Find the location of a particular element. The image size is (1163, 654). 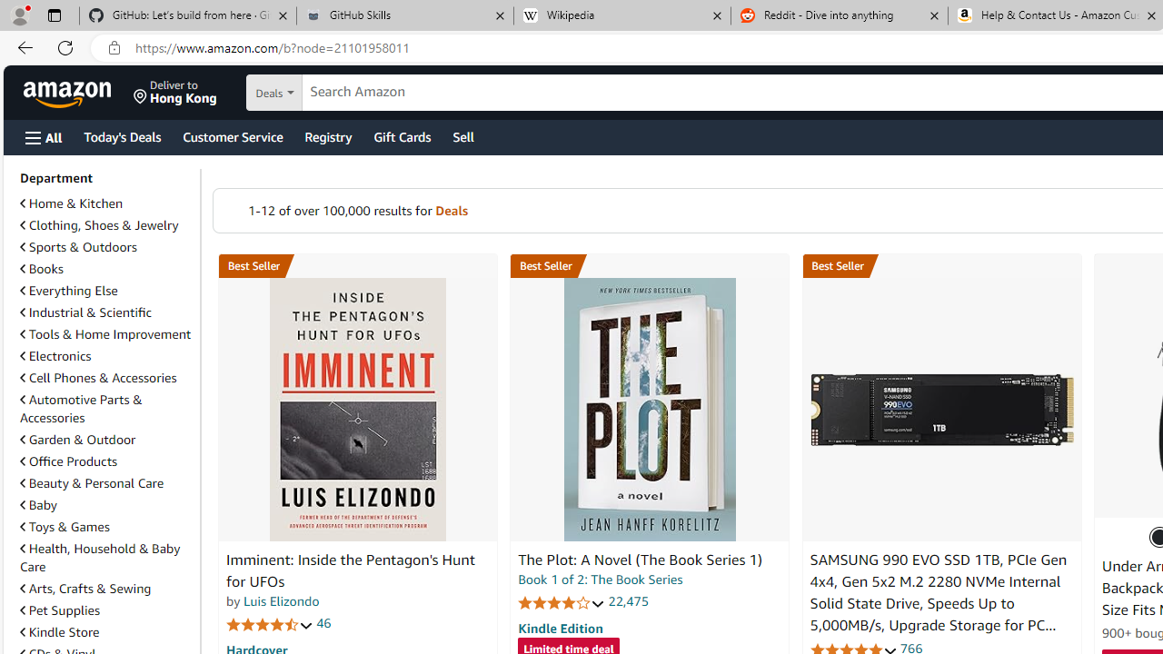

'46' is located at coordinates (323, 622).